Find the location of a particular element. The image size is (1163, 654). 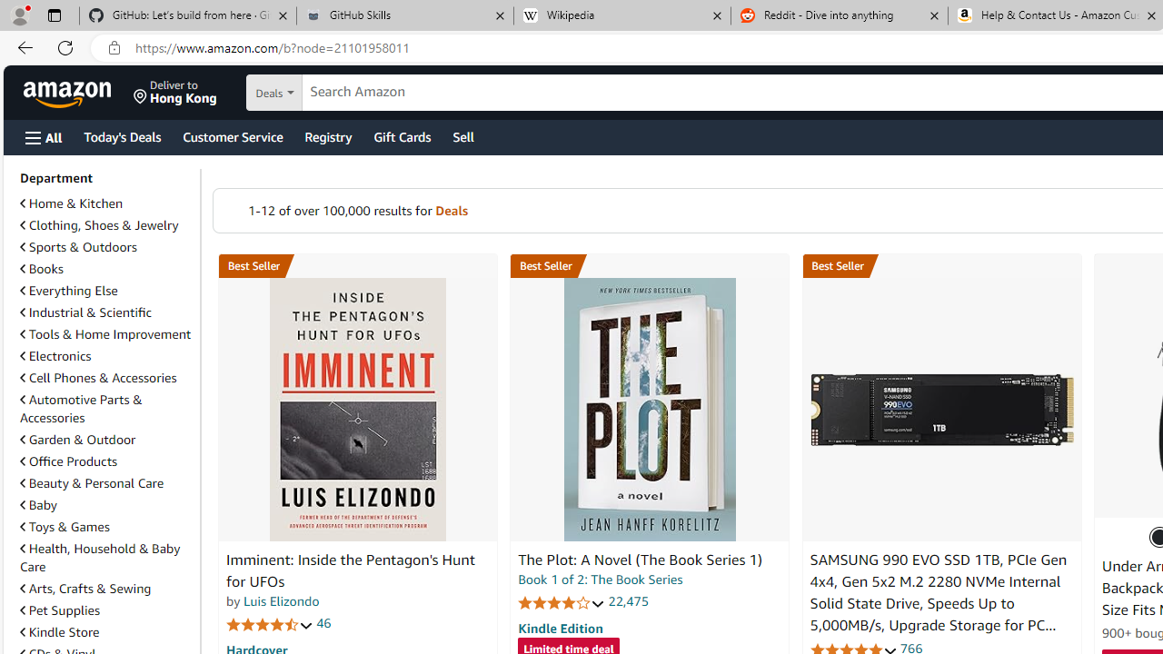

'46' is located at coordinates (323, 622).